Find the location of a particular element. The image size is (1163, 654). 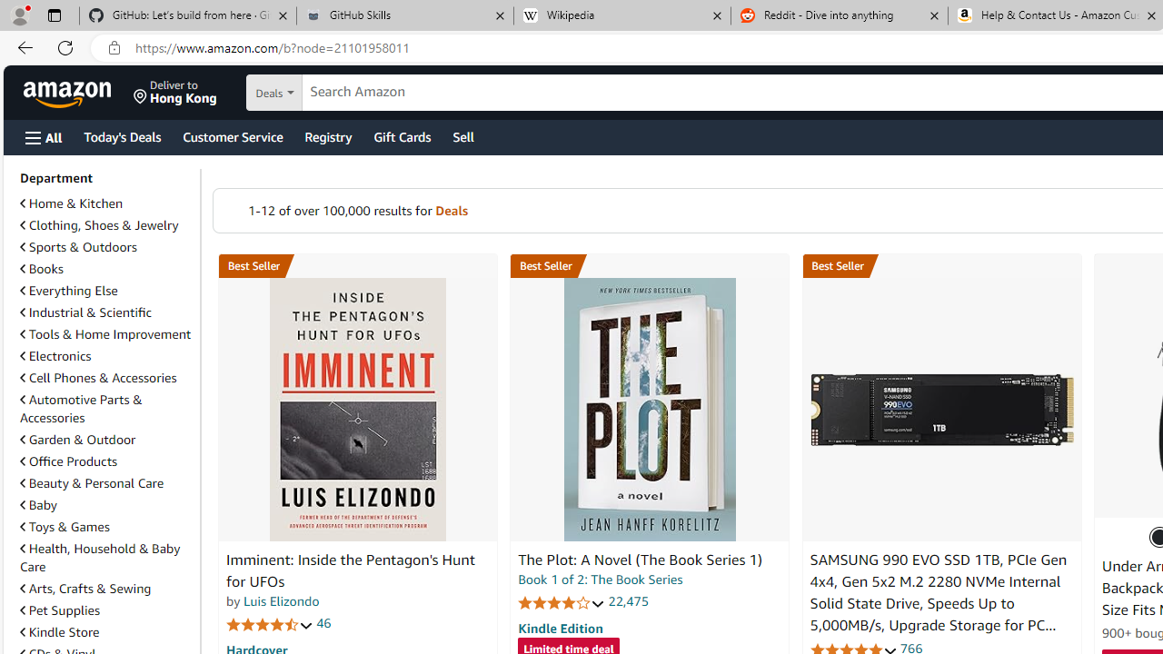

'46' is located at coordinates (323, 622).